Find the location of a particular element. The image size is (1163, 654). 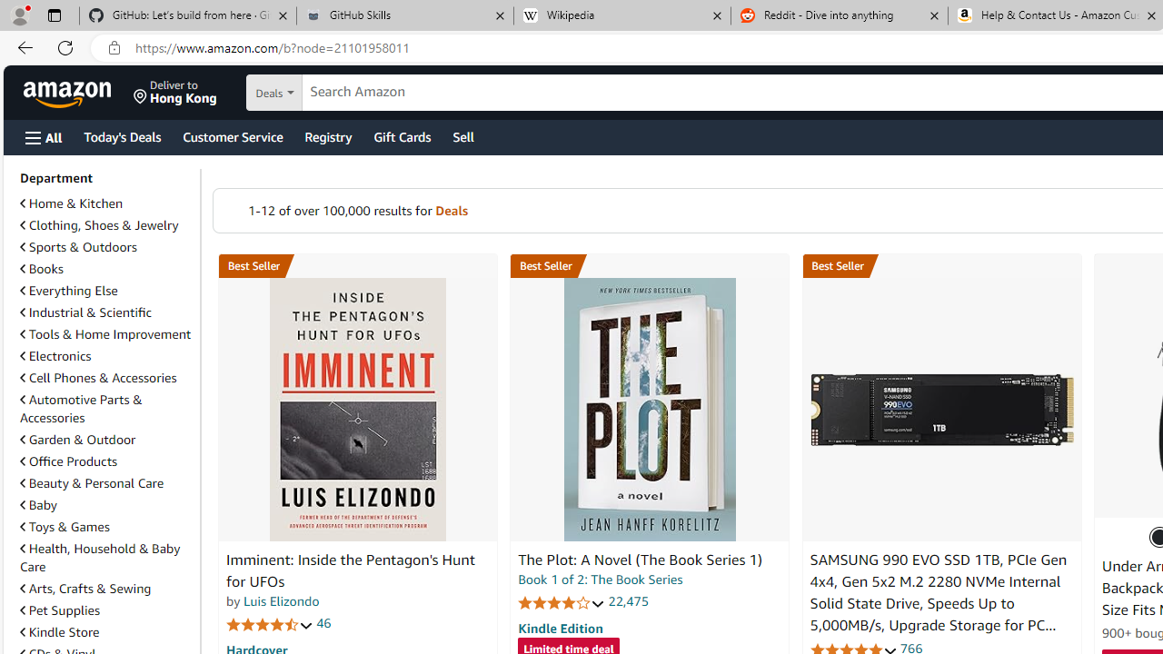

'46' is located at coordinates (323, 622).